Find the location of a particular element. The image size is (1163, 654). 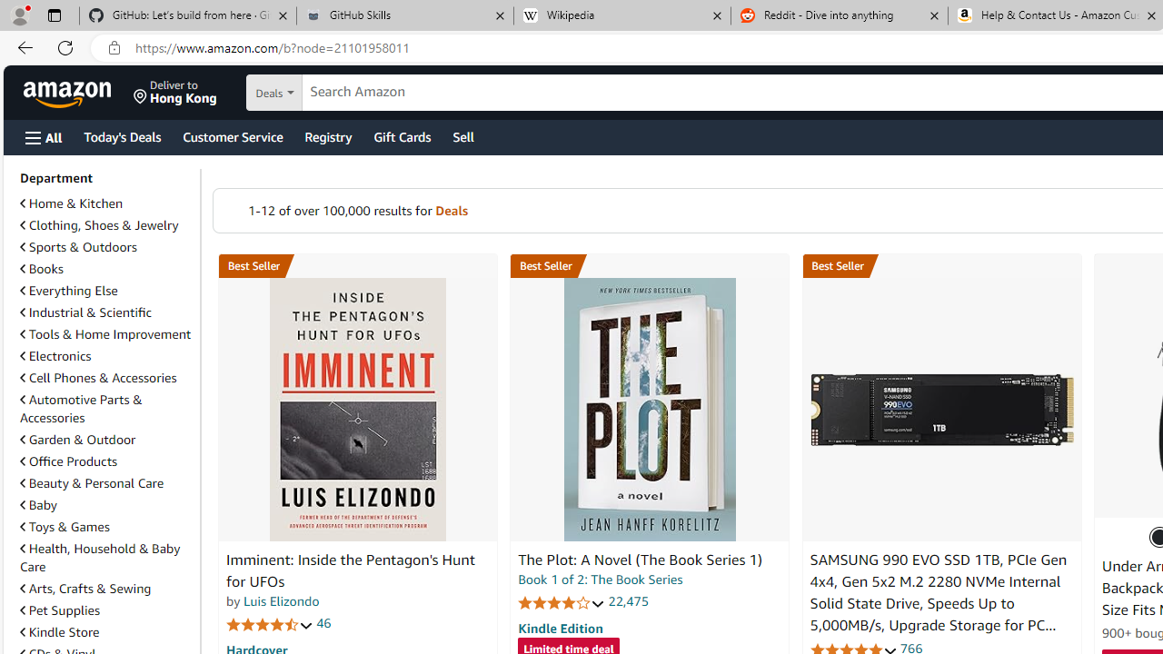

'46' is located at coordinates (323, 622).